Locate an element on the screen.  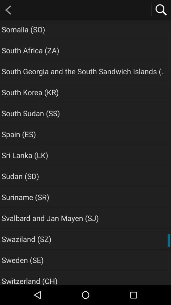
the app above south georgia and is located at coordinates (30, 50).